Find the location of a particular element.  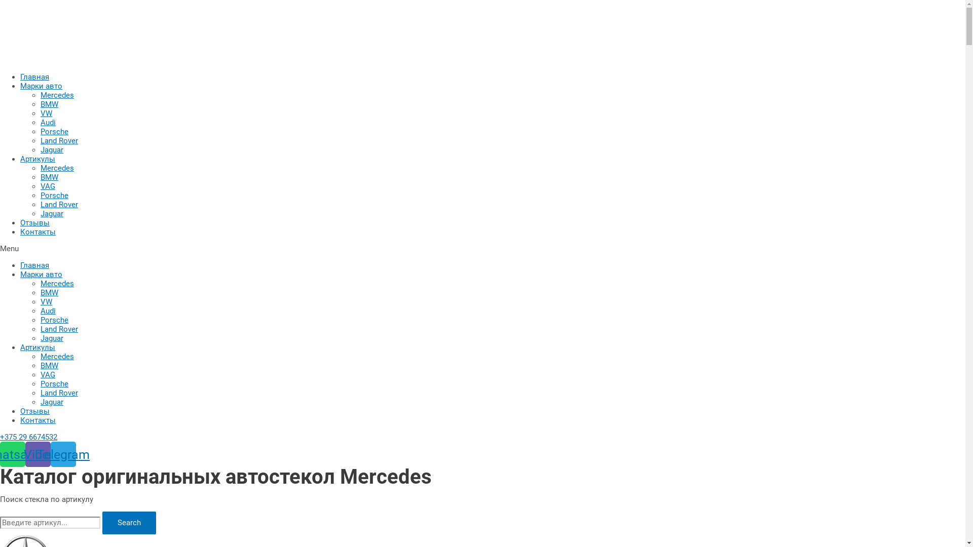

'Audi' is located at coordinates (41, 122).